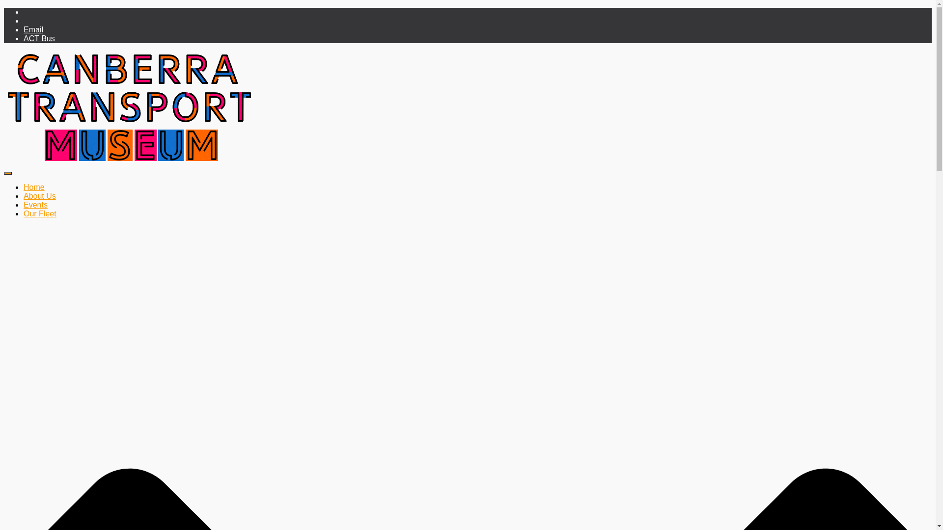 This screenshot has height=530, width=943. Describe the element at coordinates (39, 196) in the screenshot. I see `'About Us'` at that location.